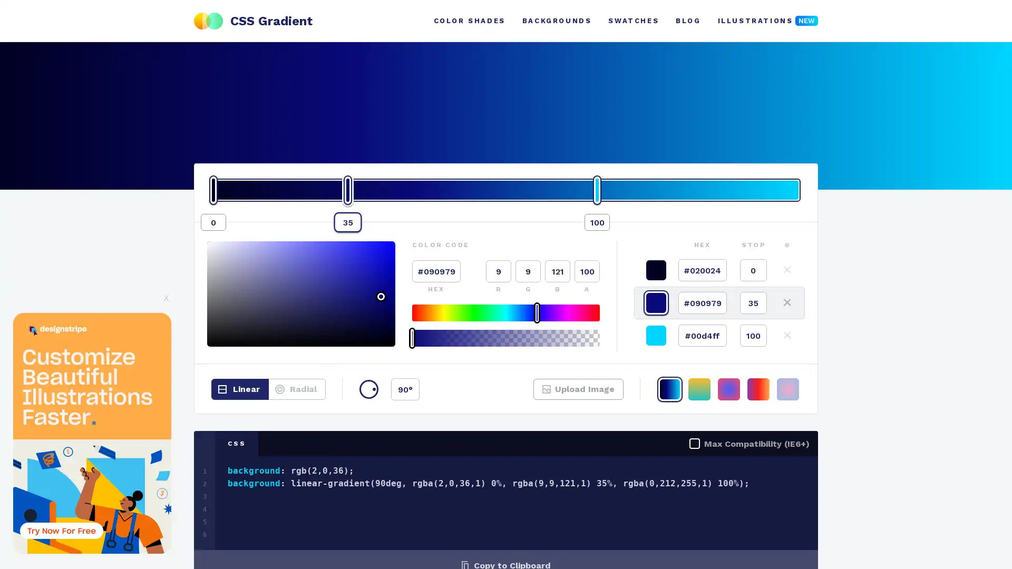 Image resolution: width=1012 pixels, height=569 pixels. What do you see at coordinates (296, 389) in the screenshot?
I see `Radial` at bounding box center [296, 389].